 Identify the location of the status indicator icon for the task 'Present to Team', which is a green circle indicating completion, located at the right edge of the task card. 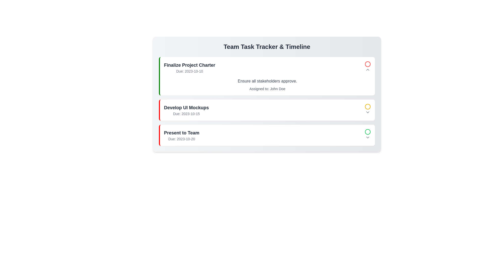
(368, 135).